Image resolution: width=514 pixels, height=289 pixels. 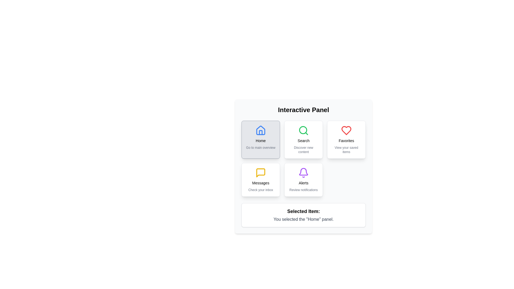 I want to click on the text label providing additional information about the 'Alerts' card, located at the bottom center of the card beneath the main label 'Alerts' and the bell icon, so click(x=303, y=189).